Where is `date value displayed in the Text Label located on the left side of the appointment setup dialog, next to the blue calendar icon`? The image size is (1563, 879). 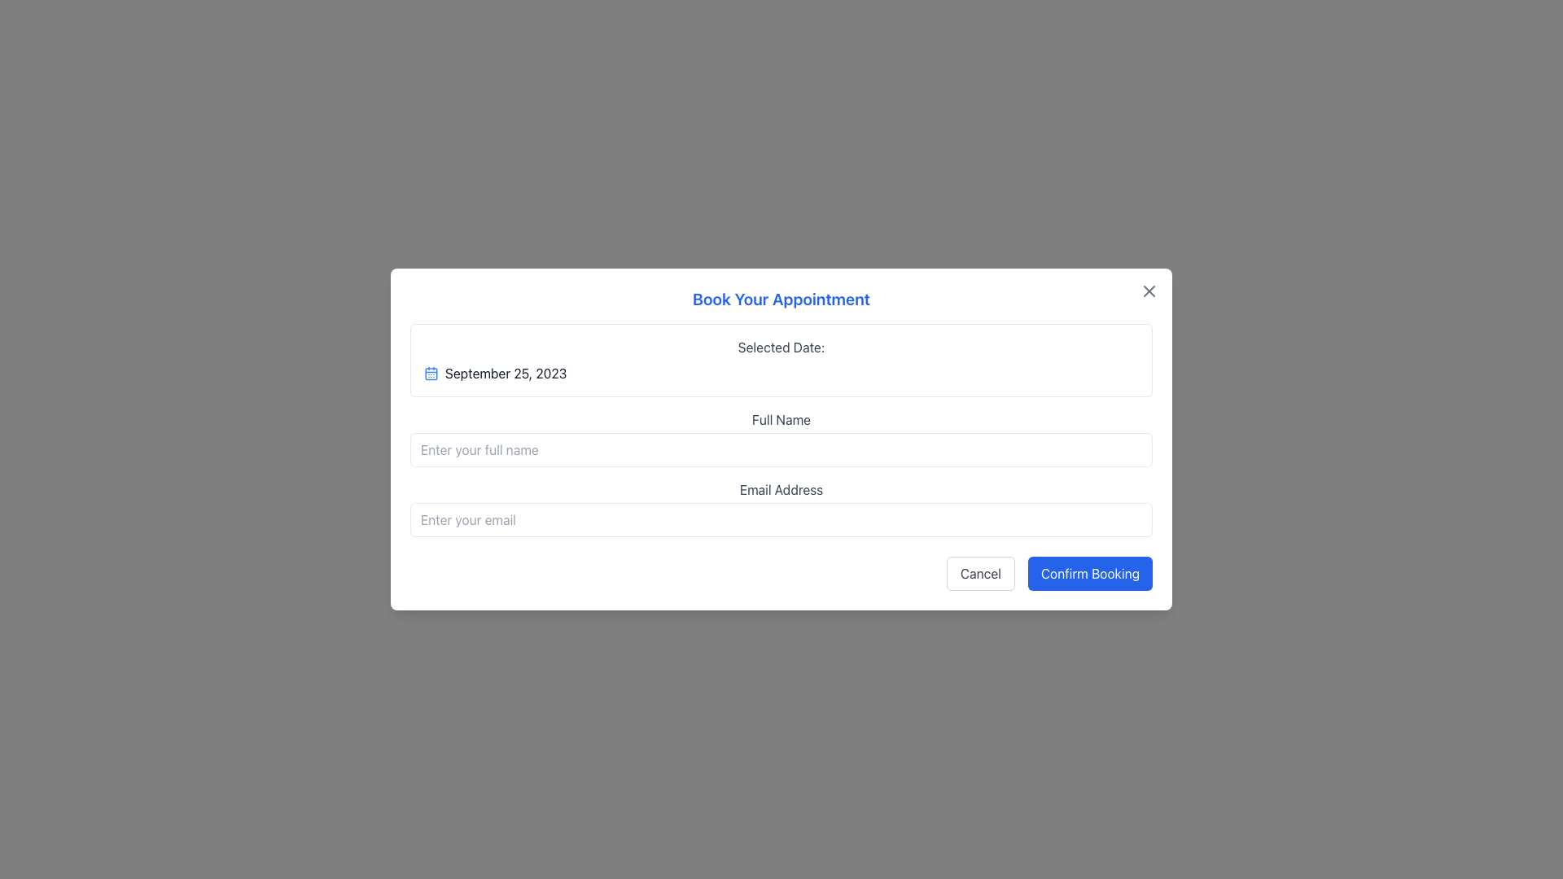 date value displayed in the Text Label located on the left side of the appointment setup dialog, next to the blue calendar icon is located at coordinates (505, 374).